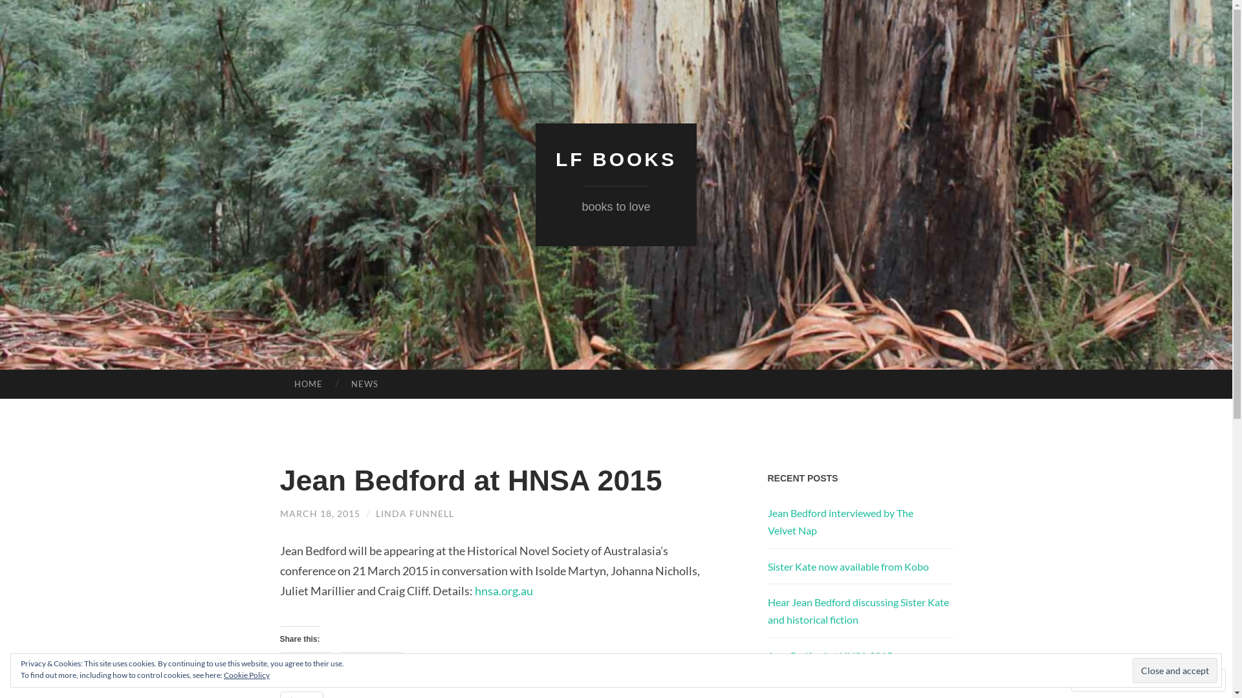  I want to click on 'Follow', so click(1171, 679).